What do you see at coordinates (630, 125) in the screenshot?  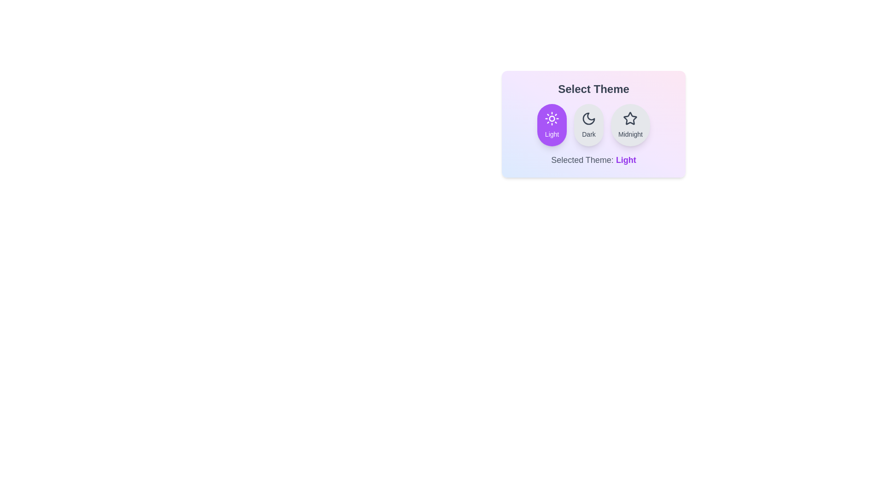 I see `the theme button corresponding to the desired theme: Midnight` at bounding box center [630, 125].